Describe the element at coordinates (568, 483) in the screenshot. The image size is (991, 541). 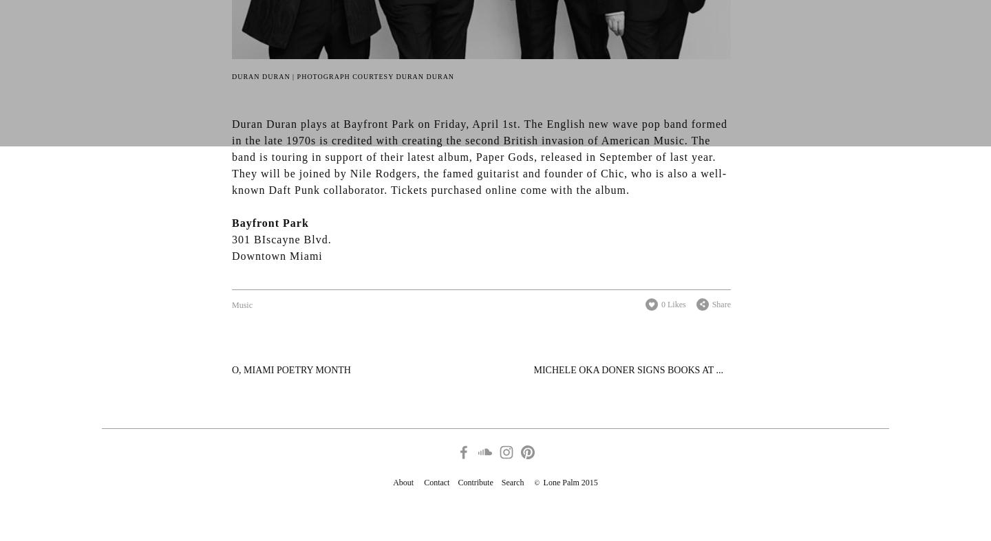
I see `'Lone Palm 2015'` at that location.